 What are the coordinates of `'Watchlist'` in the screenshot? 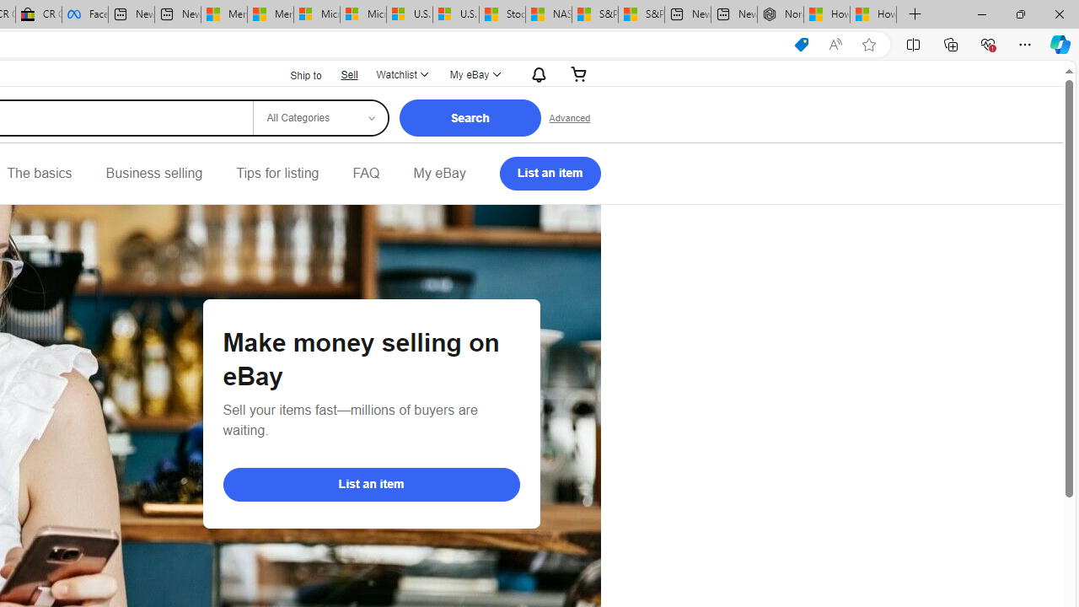 It's located at (400, 73).